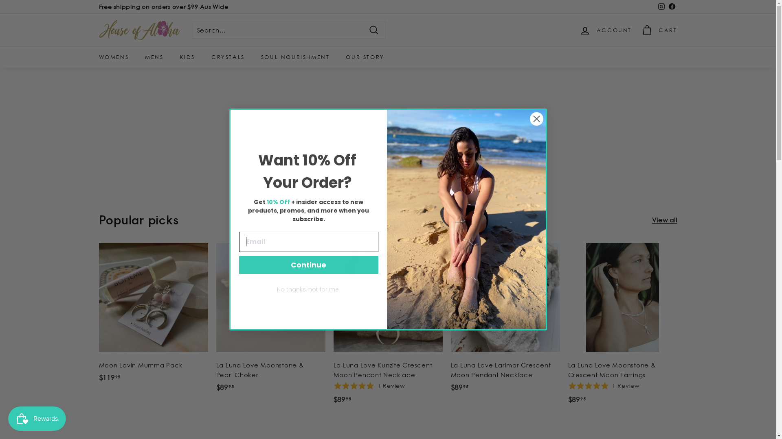 This screenshot has width=782, height=439. I want to click on 'No thanks, not for me.', so click(308, 289).